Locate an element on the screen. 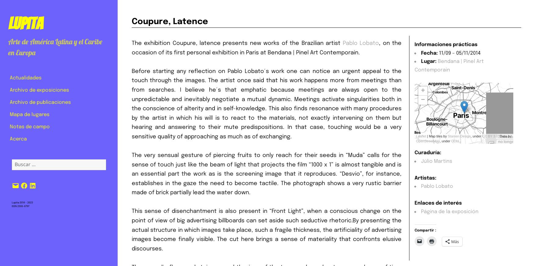 The width and height of the screenshot is (535, 266). 'Más' is located at coordinates (455, 242).